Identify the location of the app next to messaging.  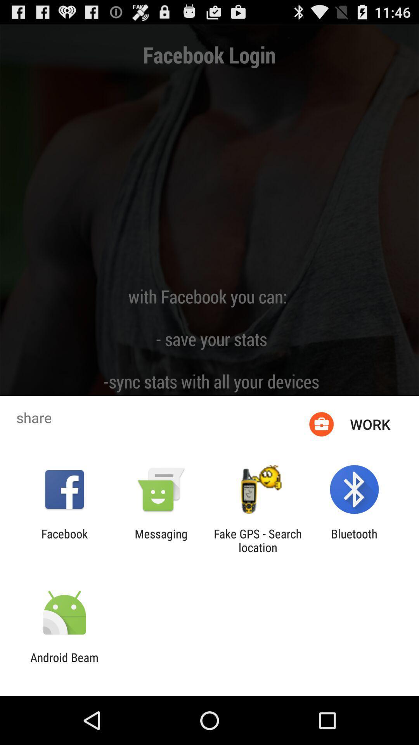
(64, 540).